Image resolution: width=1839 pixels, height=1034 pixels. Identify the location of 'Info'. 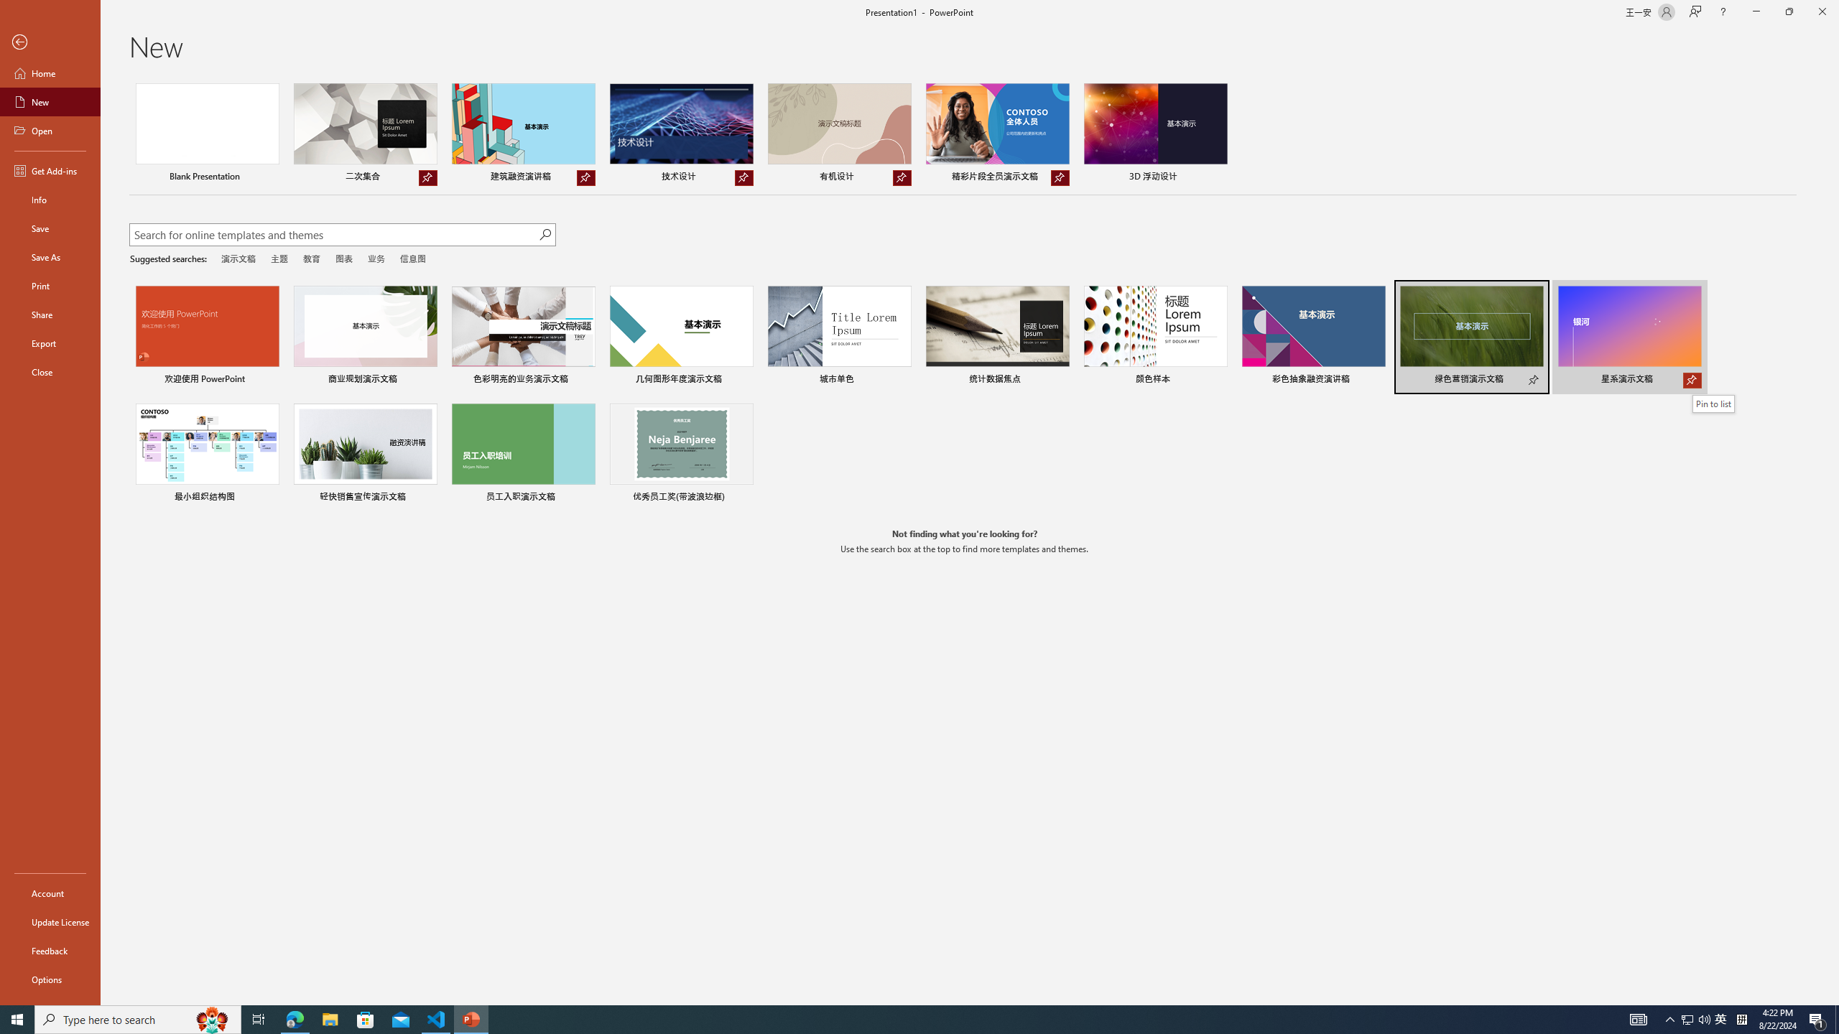
(50, 198).